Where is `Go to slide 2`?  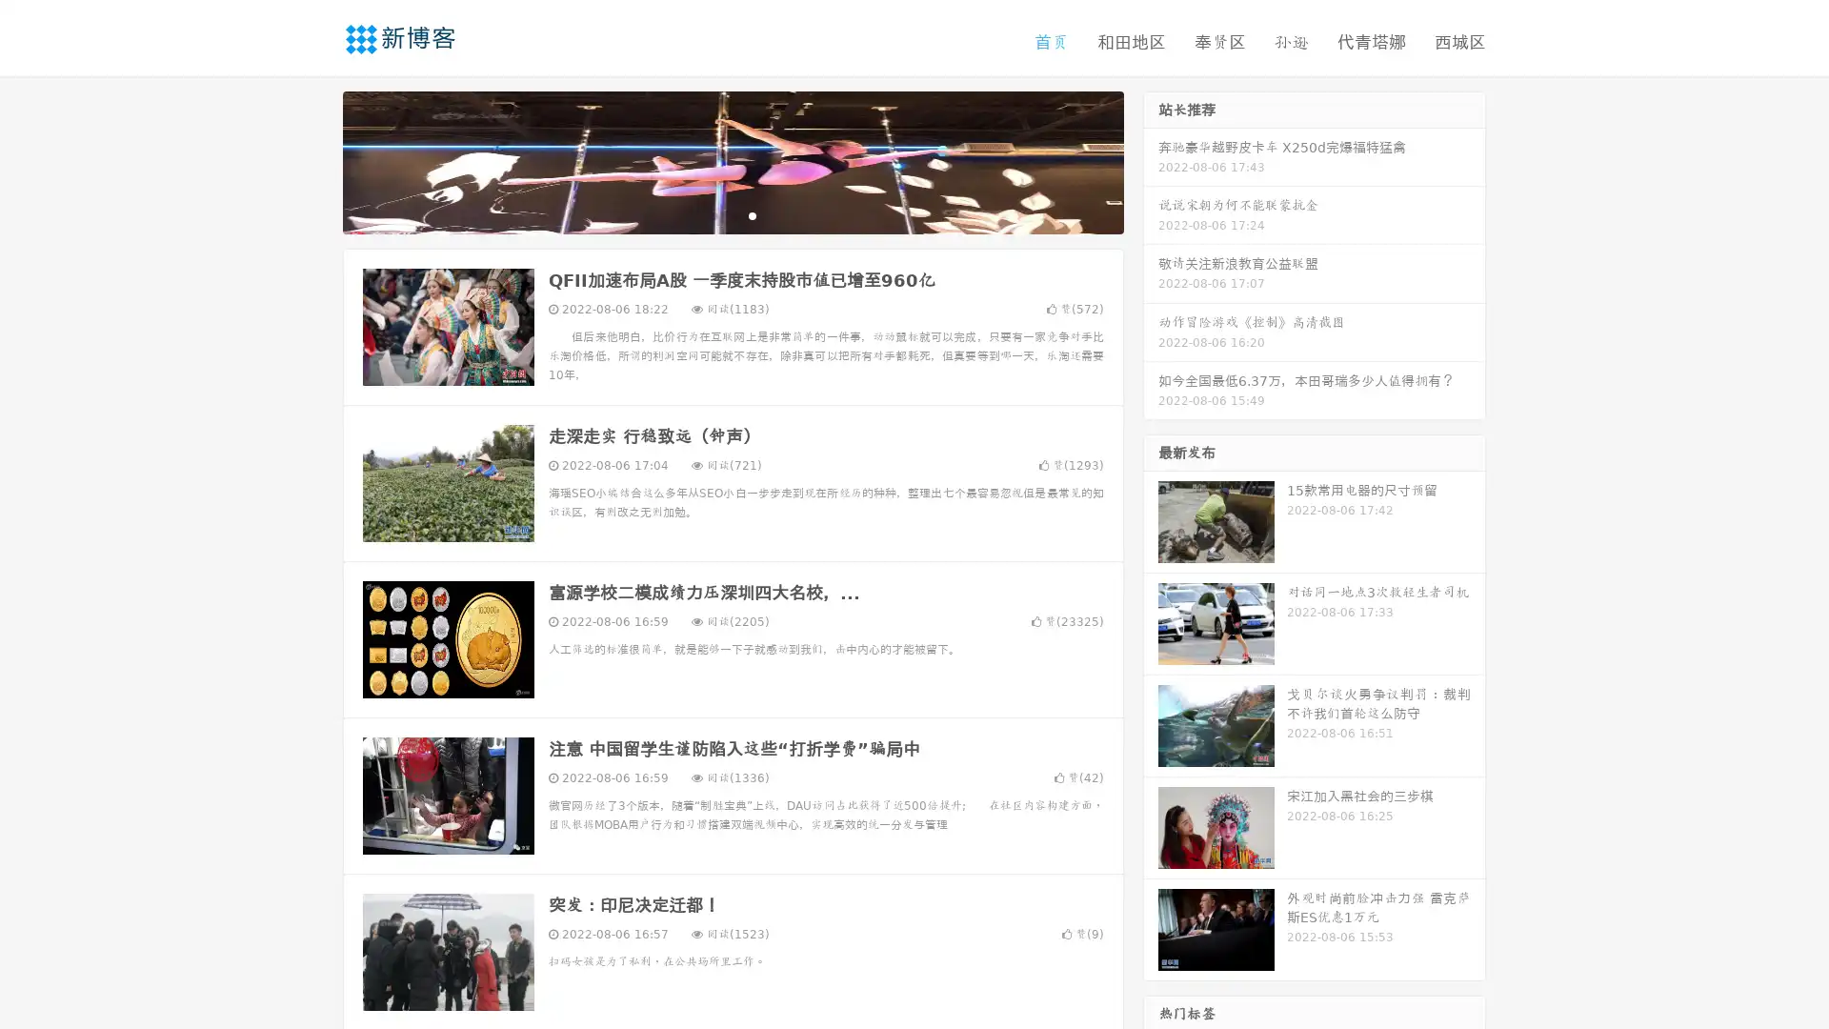 Go to slide 2 is located at coordinates (732, 214).